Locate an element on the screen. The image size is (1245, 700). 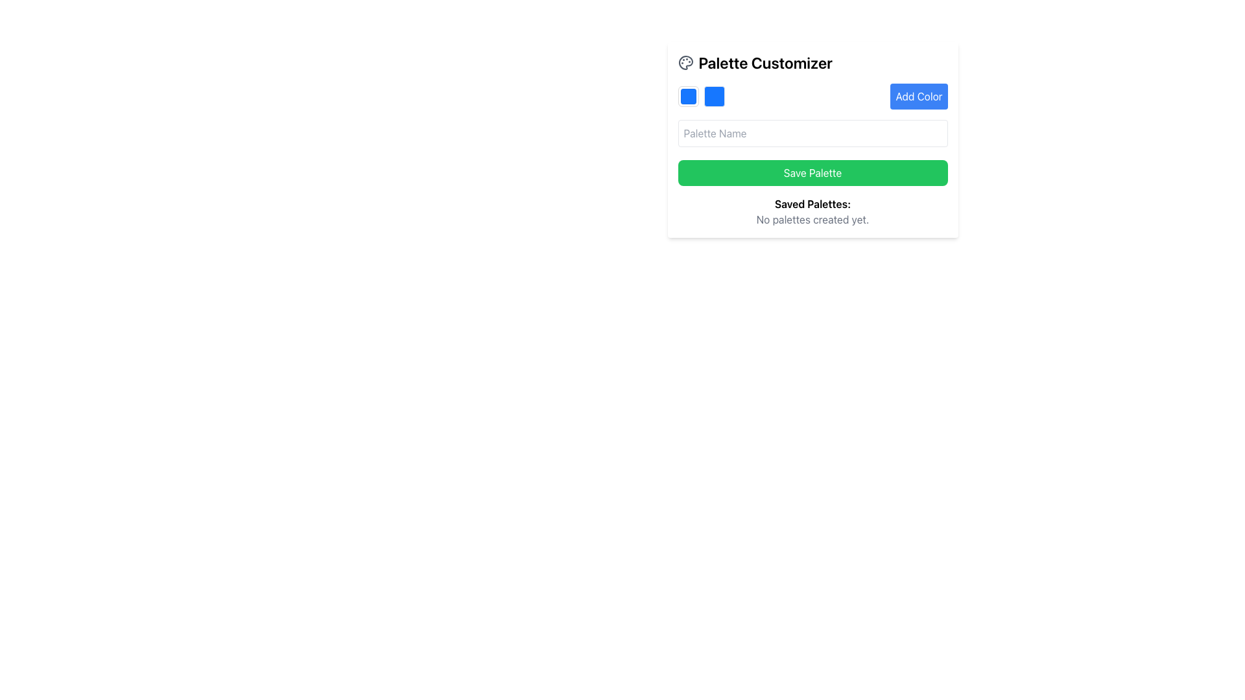
the informative text block indicating the section for saved palettes, located at the bottom of the 'Palette Customizer' card, beneath the green 'Save Palette' button is located at coordinates (812, 211).